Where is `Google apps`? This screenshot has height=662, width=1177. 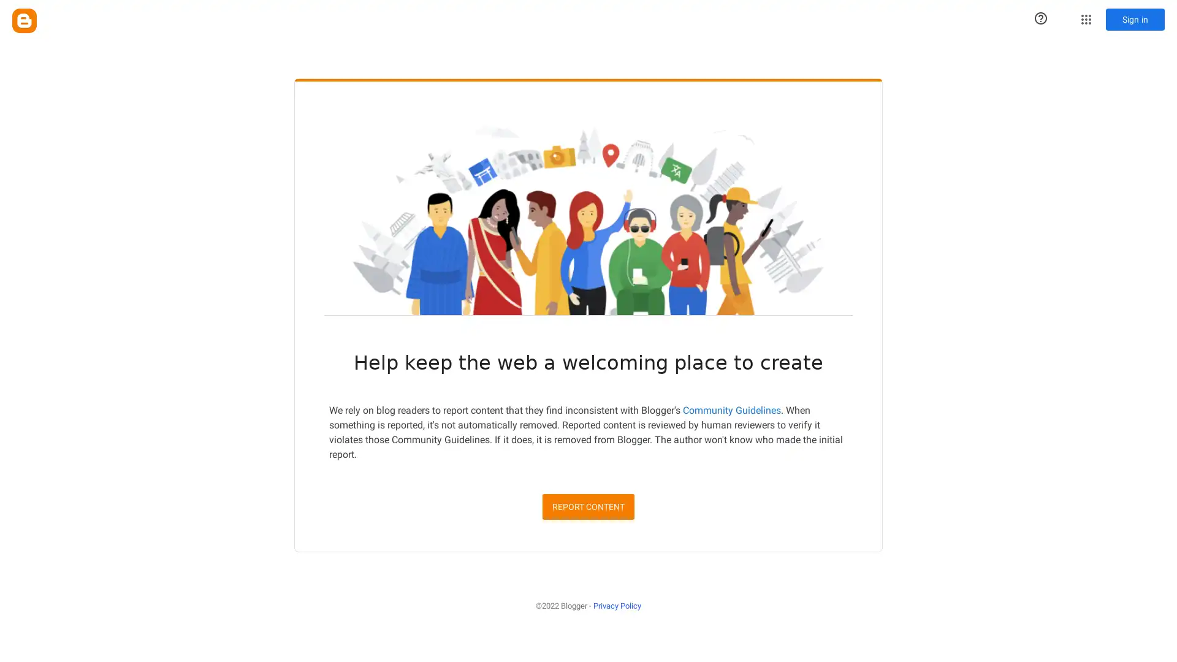 Google apps is located at coordinates (1086, 19).